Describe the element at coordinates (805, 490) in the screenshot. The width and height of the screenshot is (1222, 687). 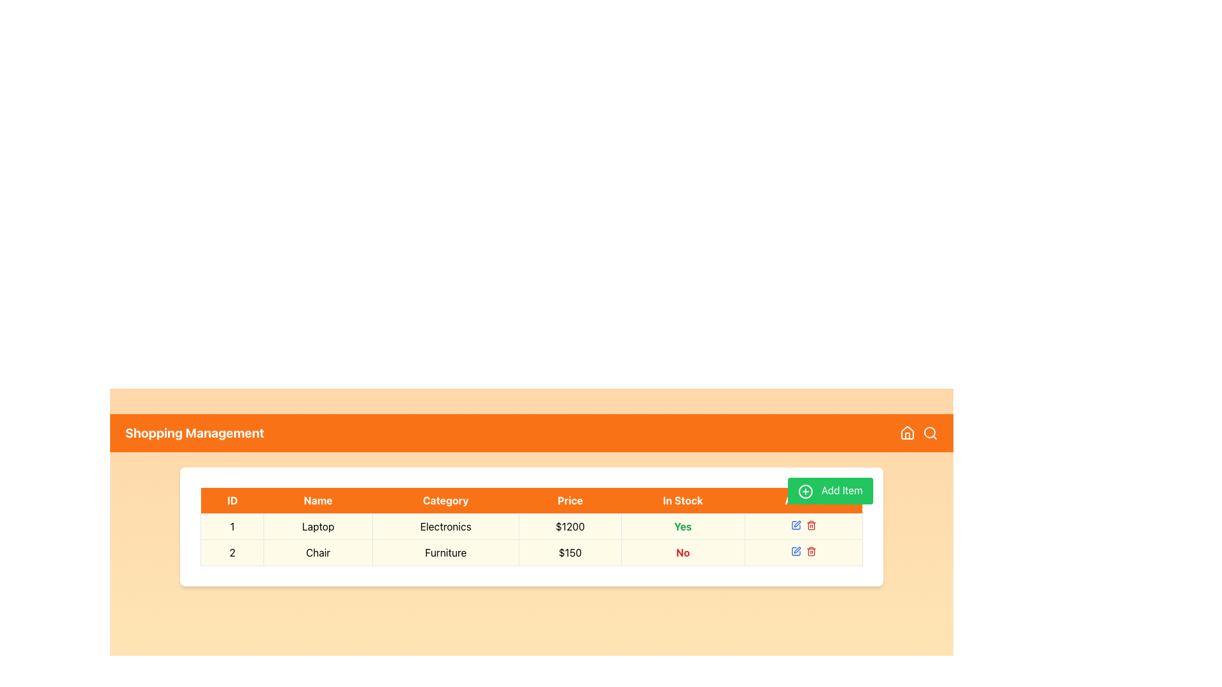
I see `the circular green icon with a white plus sign, which is part of the 'Add Item' button located at the top right of the table` at that location.